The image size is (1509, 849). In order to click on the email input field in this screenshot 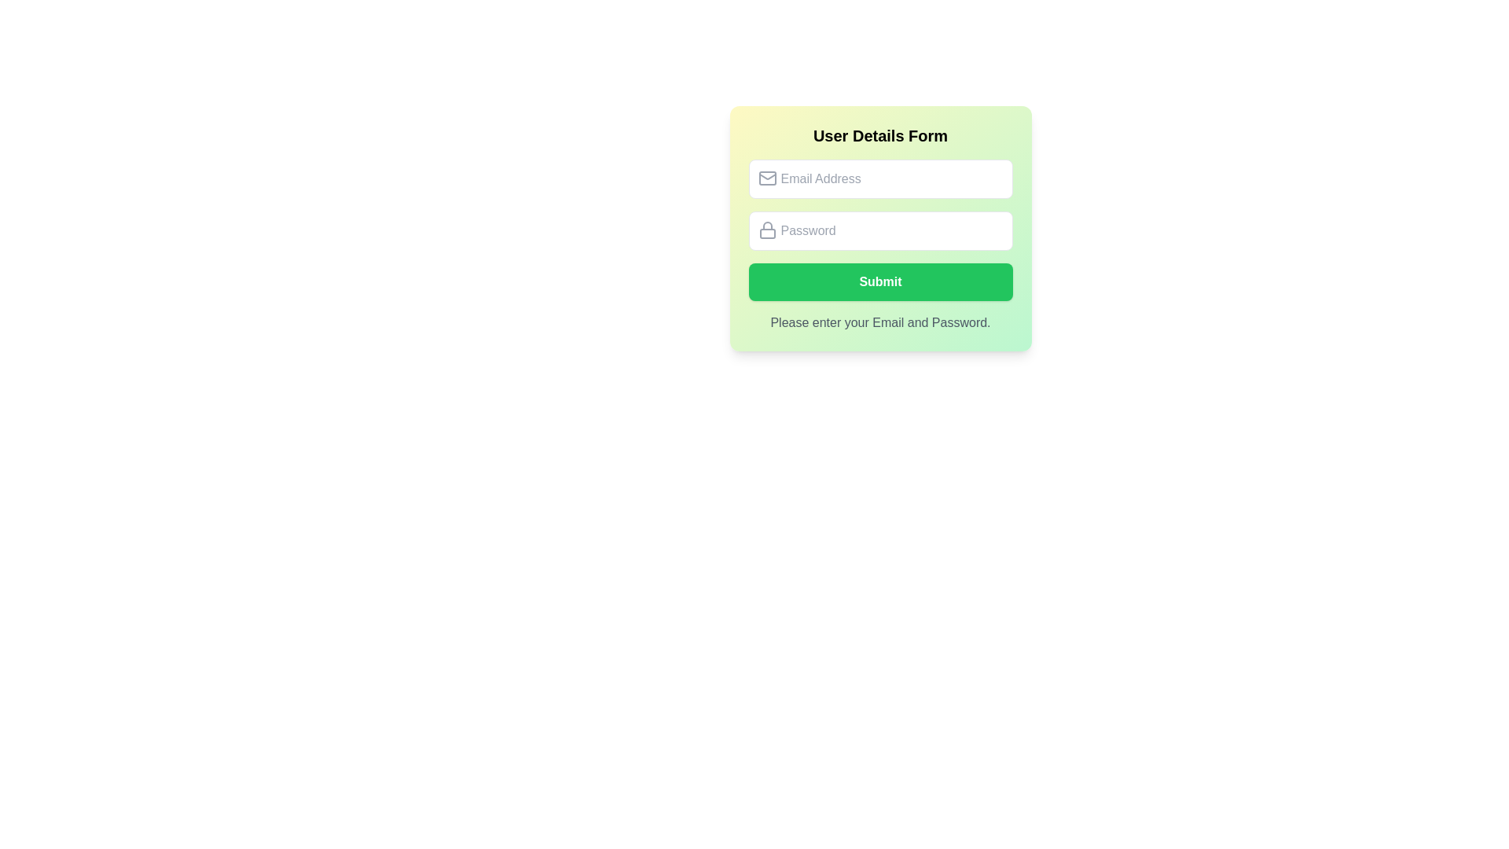, I will do `click(880, 178)`.